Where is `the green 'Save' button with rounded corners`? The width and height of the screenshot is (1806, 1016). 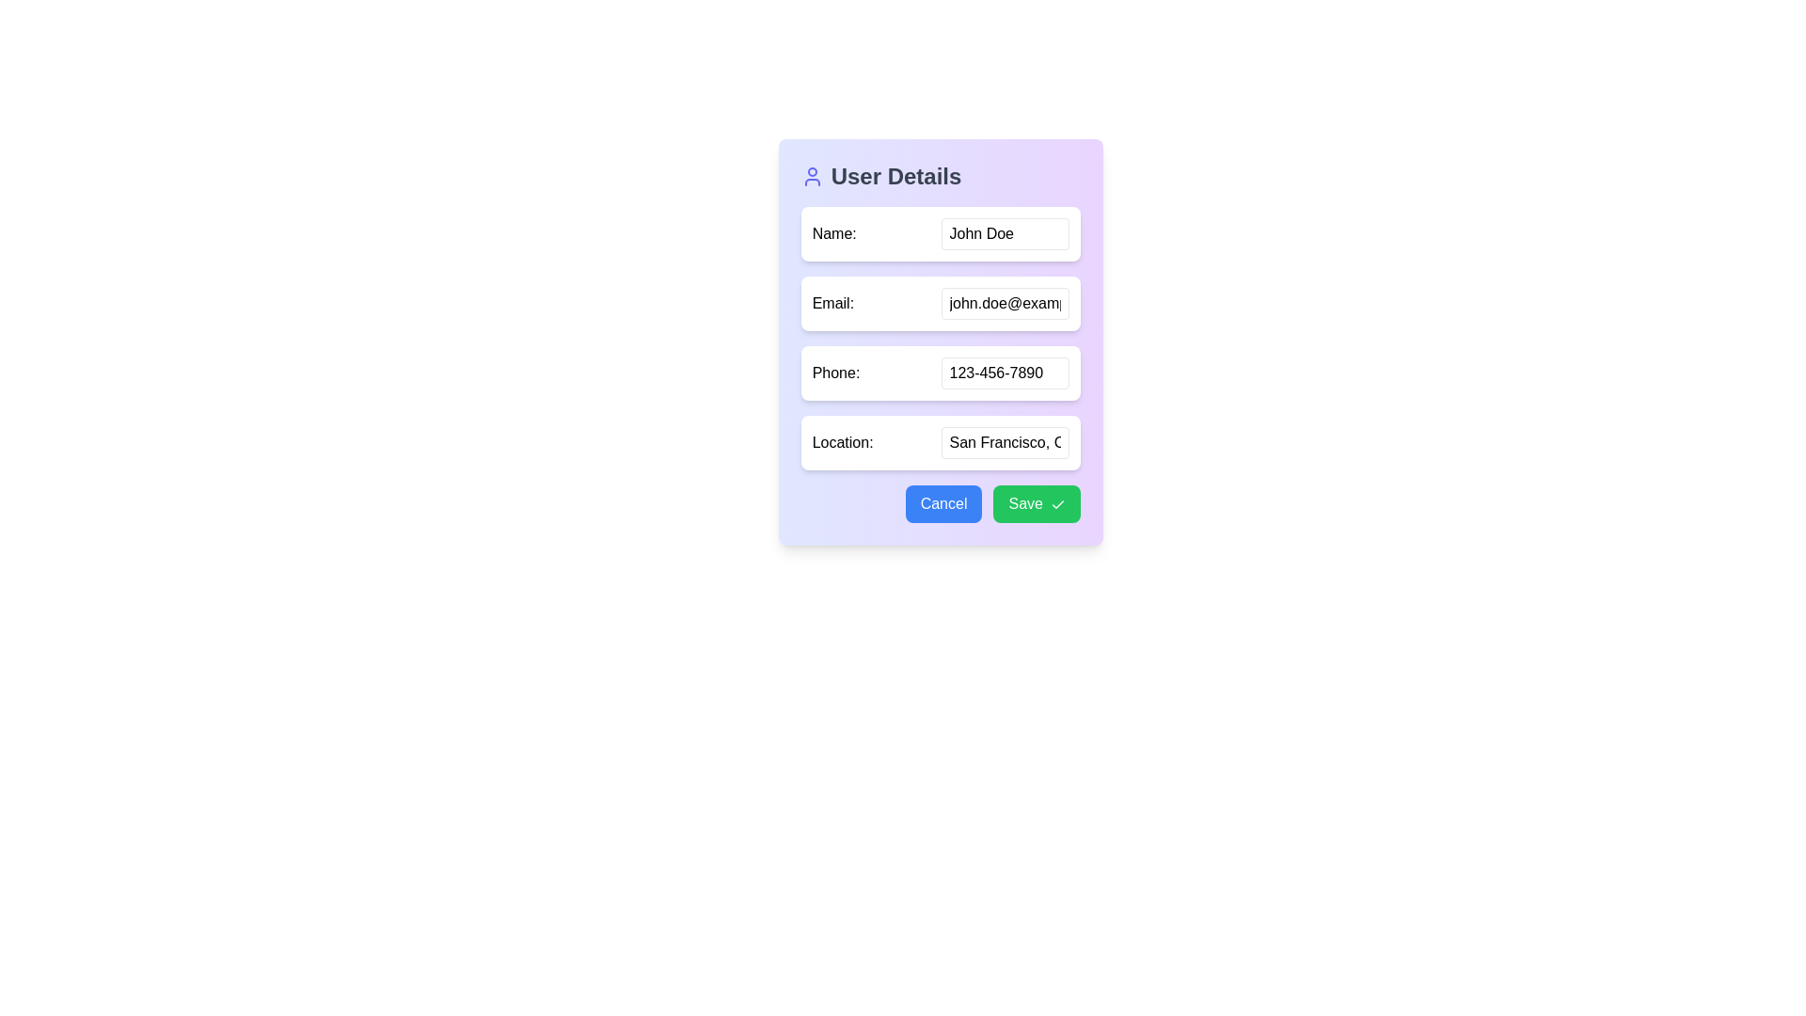
the green 'Save' button with rounded corners is located at coordinates (1036, 503).